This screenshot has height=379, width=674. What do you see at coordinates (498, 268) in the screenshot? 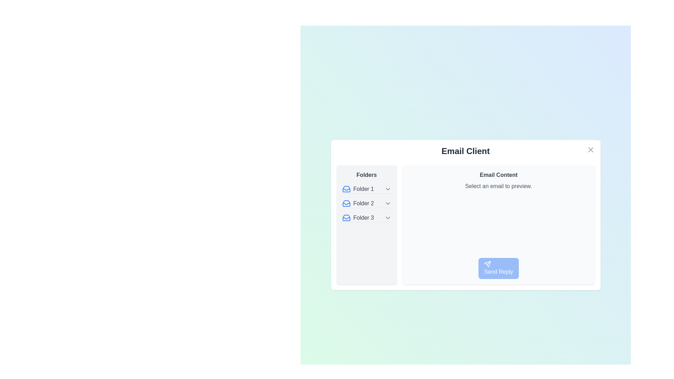
I see `the reply button located below the text 'Select an email` at bounding box center [498, 268].